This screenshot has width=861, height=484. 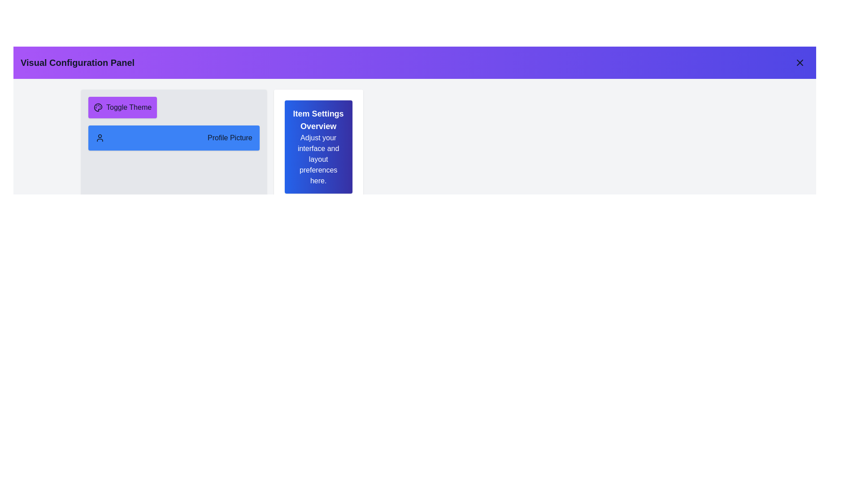 What do you see at coordinates (98, 107) in the screenshot?
I see `the theme toggling icon located inside the 'Toggle Theme' button, positioned to the left of the text label` at bounding box center [98, 107].